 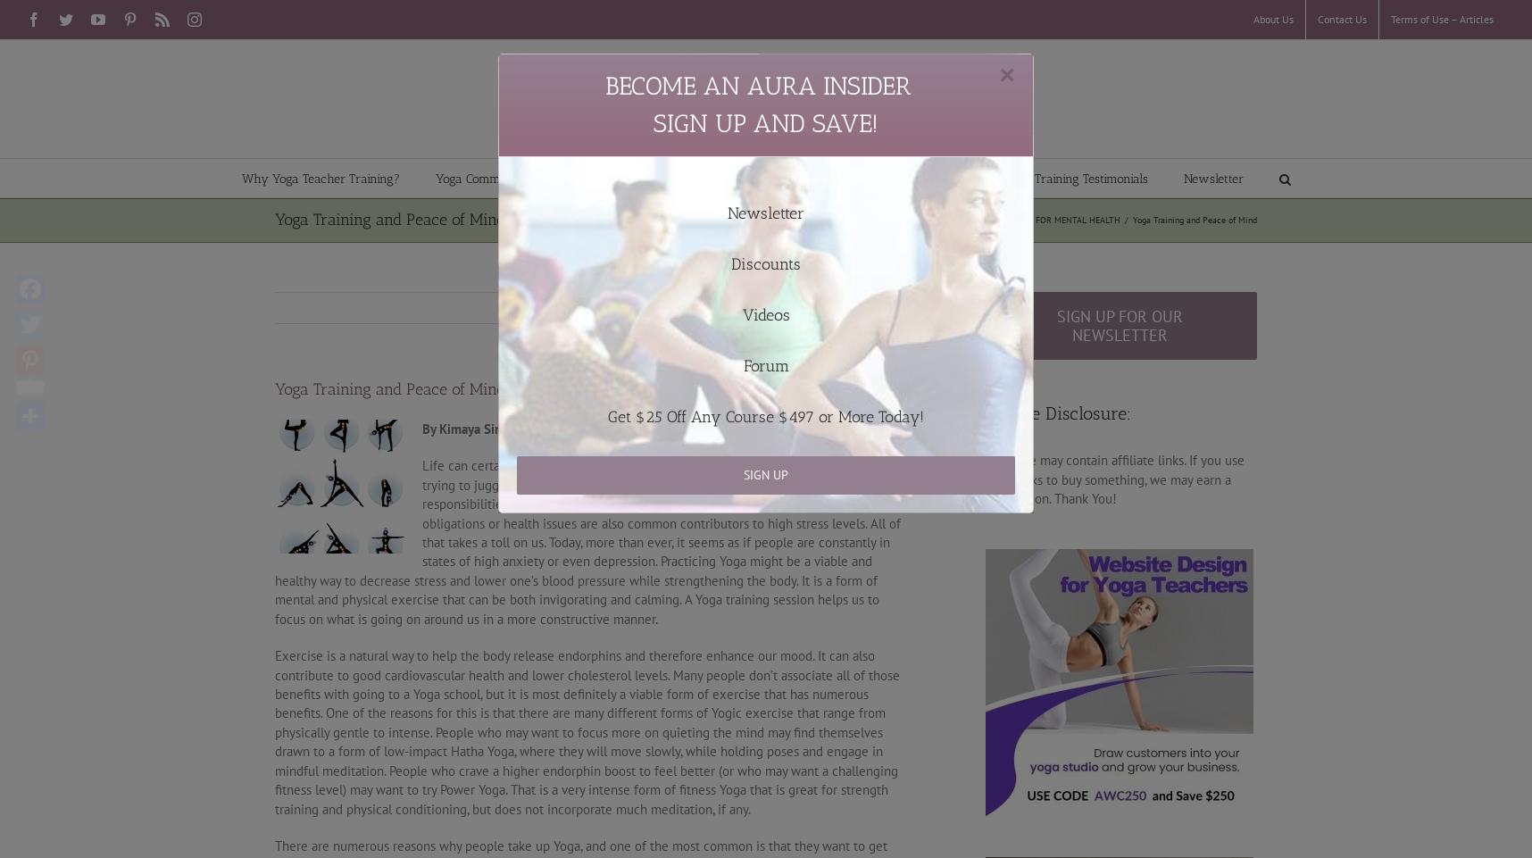 What do you see at coordinates (766, 263) in the screenshot?
I see `'Discounts'` at bounding box center [766, 263].